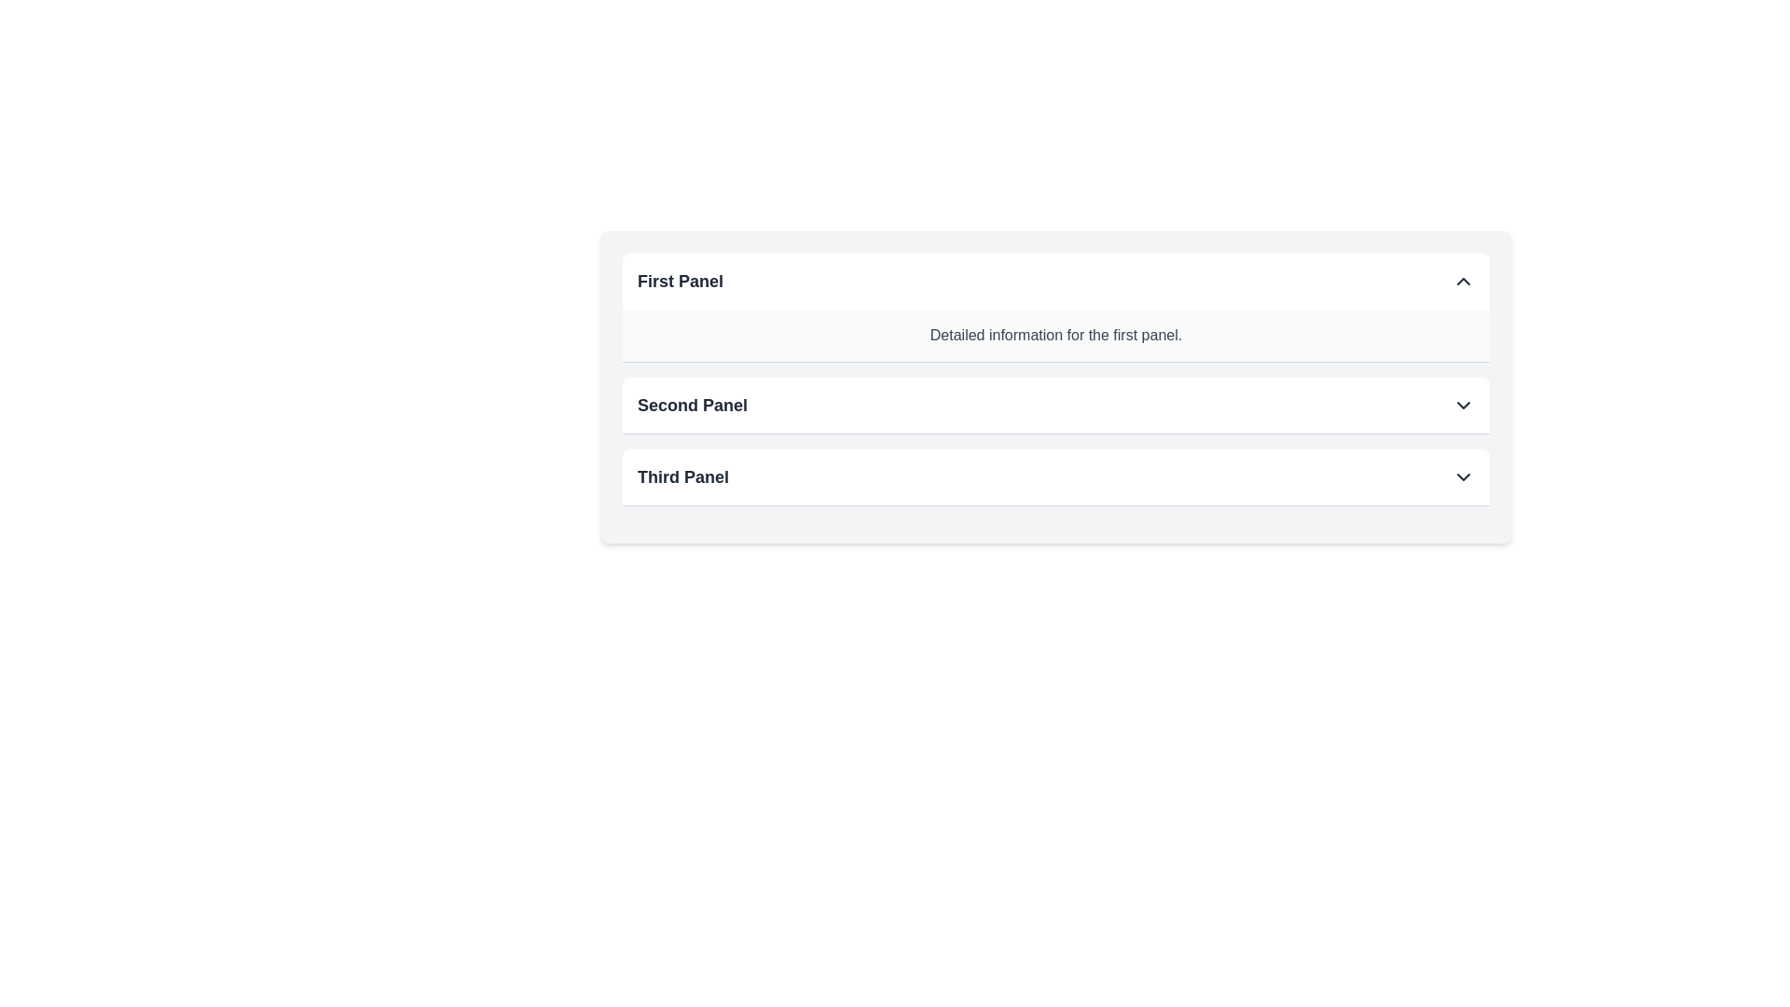 Image resolution: width=1790 pixels, height=1007 pixels. What do you see at coordinates (1055, 334) in the screenshot?
I see `the Text Display Area that contains the text 'Detailed information for the first panel.' which is styled with a light gray background and gray text, located directly below the header labeled 'First Panel'` at bounding box center [1055, 334].